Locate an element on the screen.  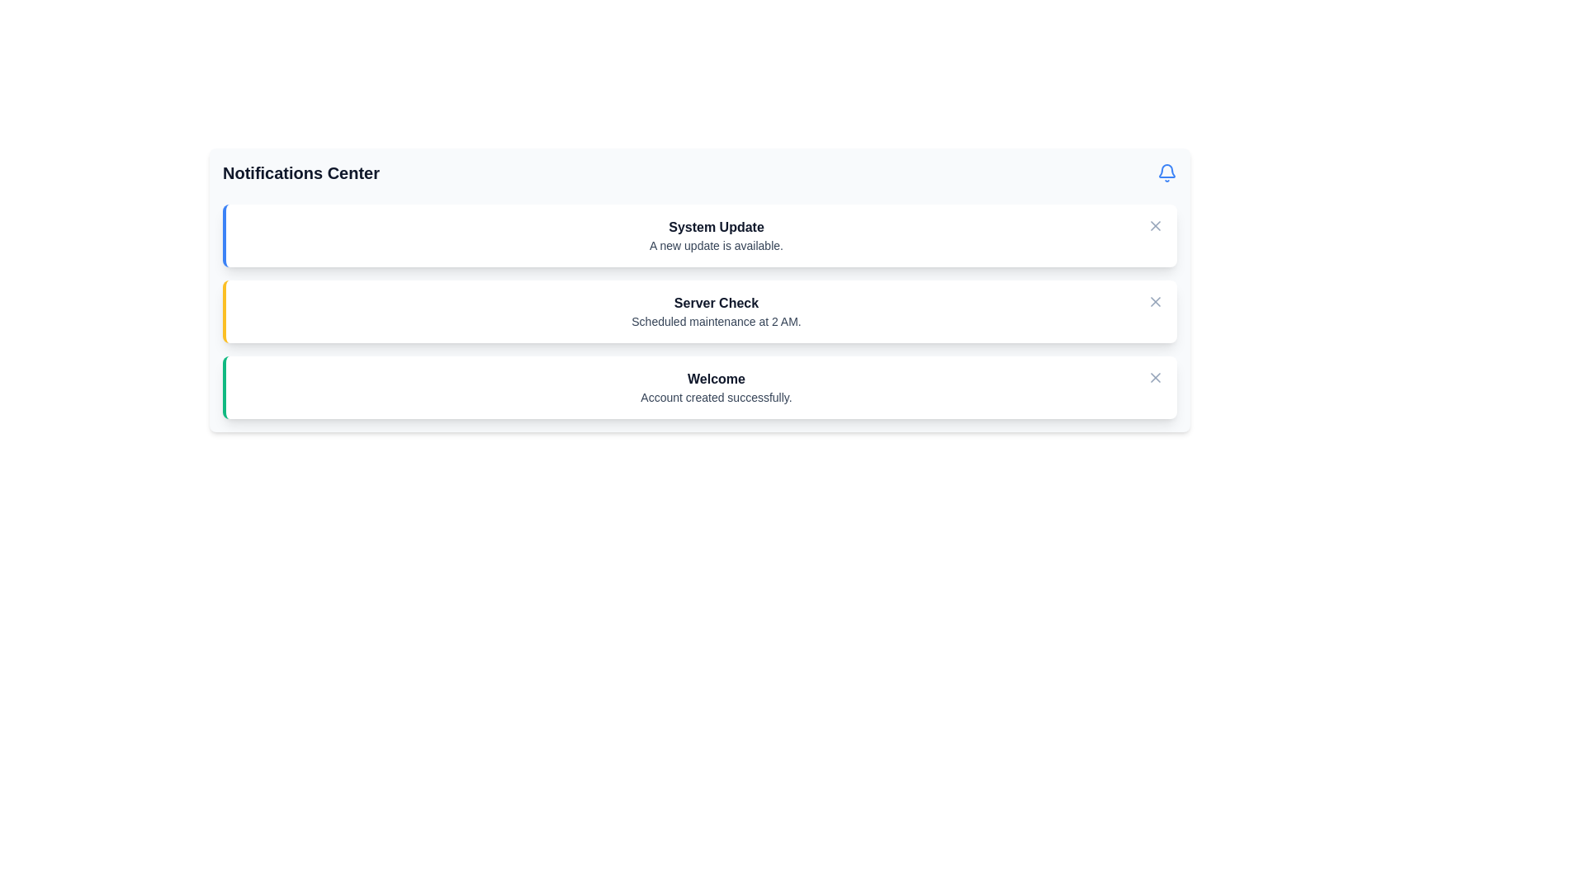
the close button icon in the top-right corner of the 'Server Check: Scheduled maintenance at 2 AM.' notification card is located at coordinates (1155, 302).